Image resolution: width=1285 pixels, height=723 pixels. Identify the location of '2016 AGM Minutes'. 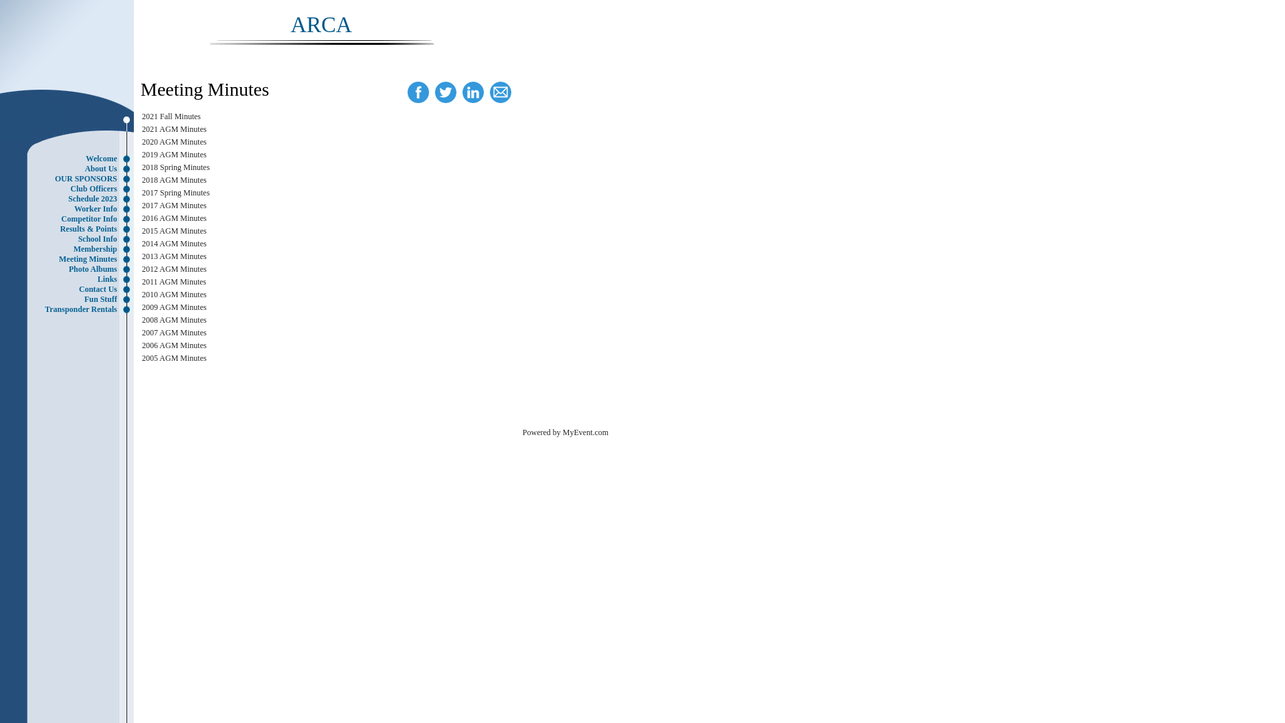
(173, 218).